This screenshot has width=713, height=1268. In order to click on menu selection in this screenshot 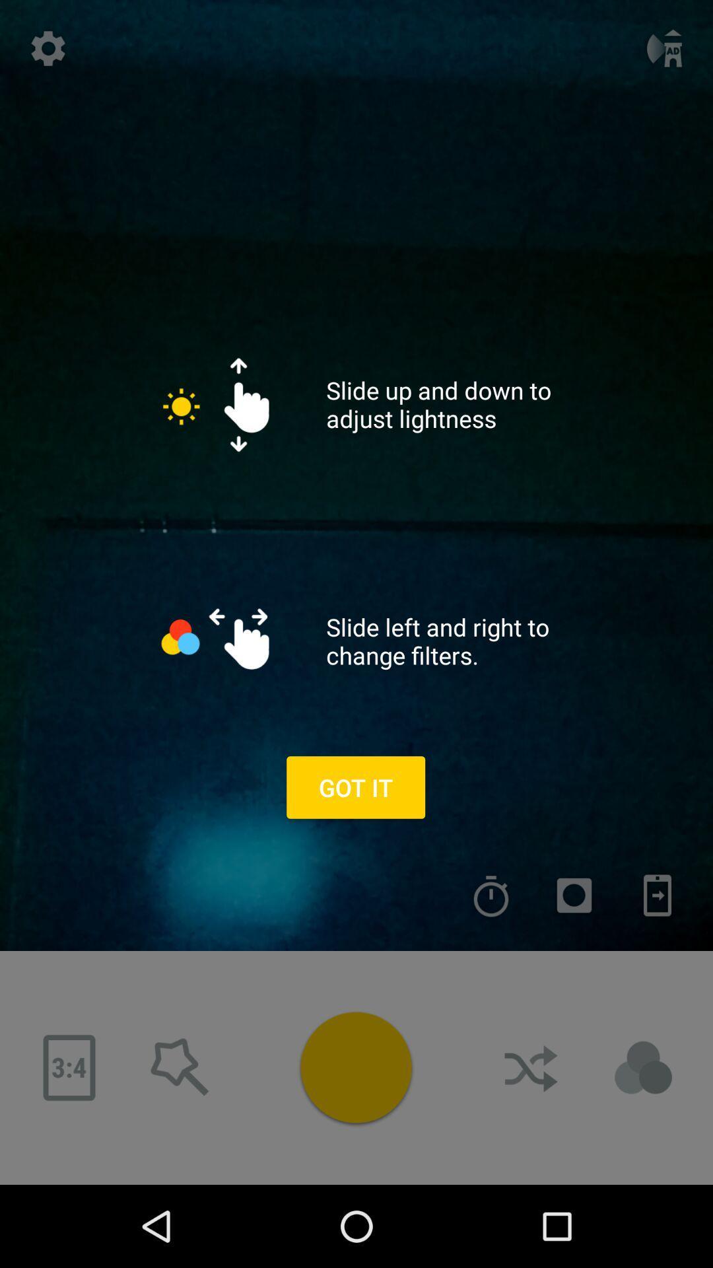, I will do `click(574, 896)`.